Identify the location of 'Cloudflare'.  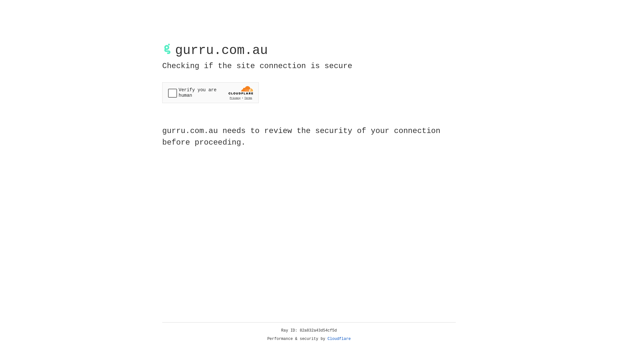
(339, 339).